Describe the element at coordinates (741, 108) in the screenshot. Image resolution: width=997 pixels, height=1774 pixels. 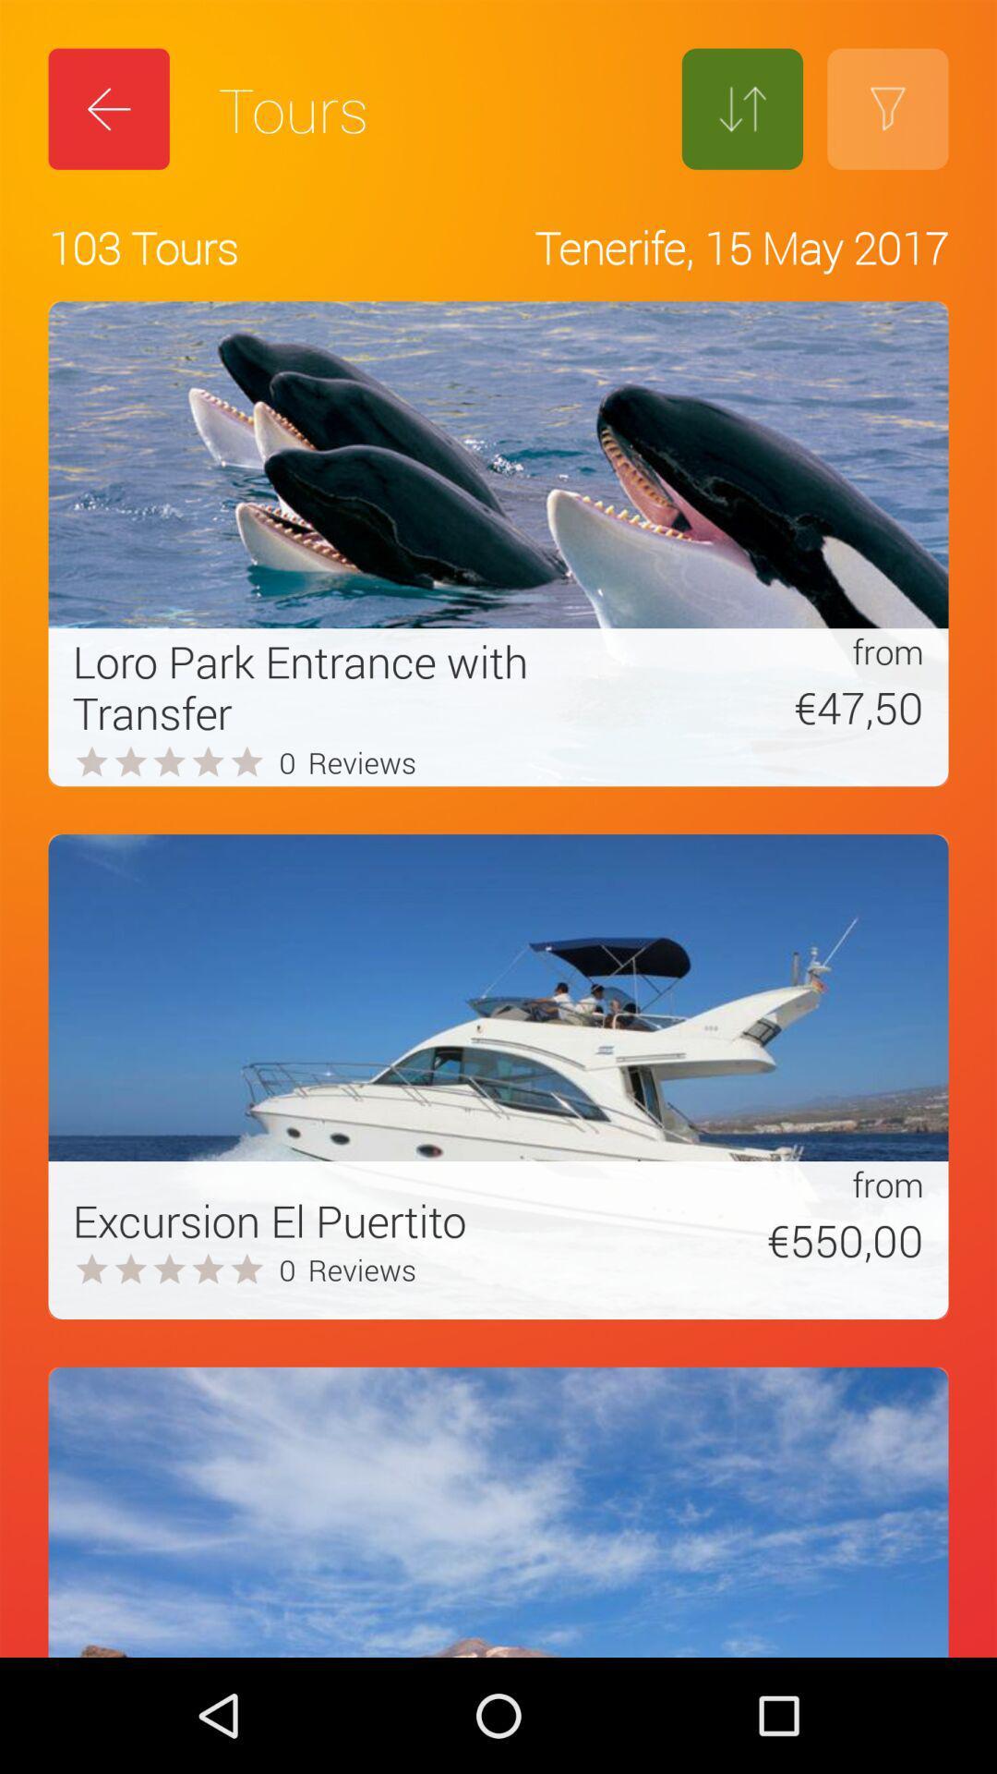
I see `the icon to the right of tours` at that location.